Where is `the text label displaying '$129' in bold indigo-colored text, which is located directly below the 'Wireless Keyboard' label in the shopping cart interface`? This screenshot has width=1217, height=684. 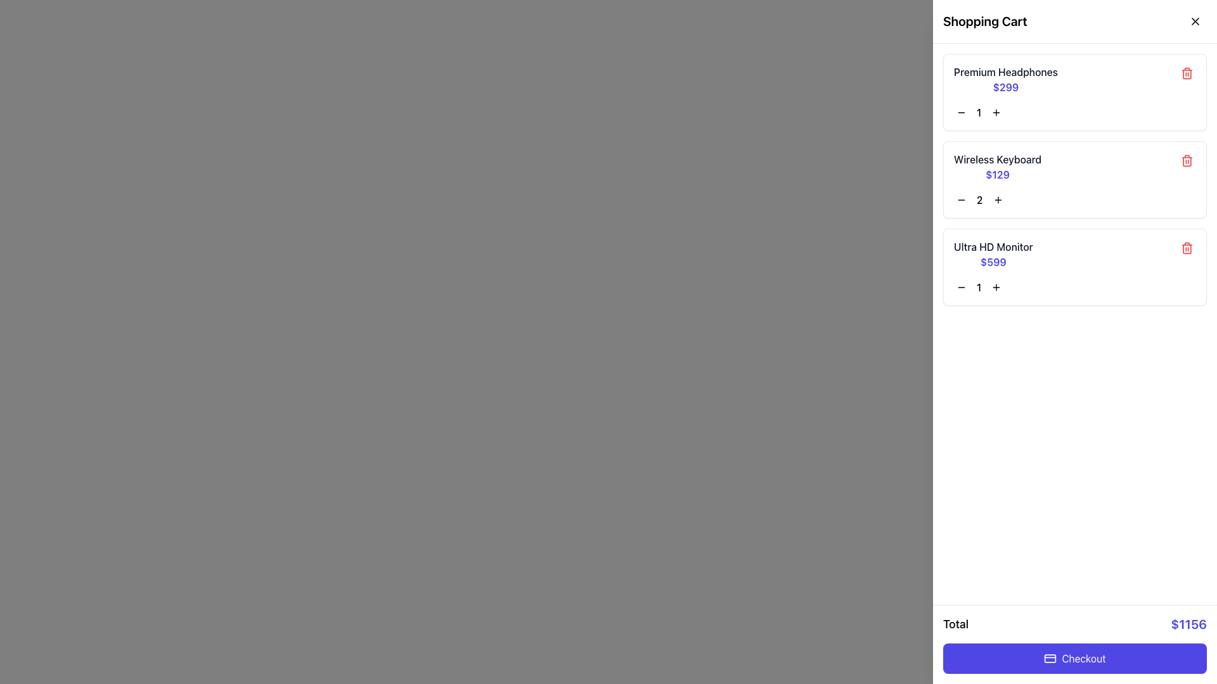 the text label displaying '$129' in bold indigo-colored text, which is located directly below the 'Wireless Keyboard' label in the shopping cart interface is located at coordinates (997, 175).